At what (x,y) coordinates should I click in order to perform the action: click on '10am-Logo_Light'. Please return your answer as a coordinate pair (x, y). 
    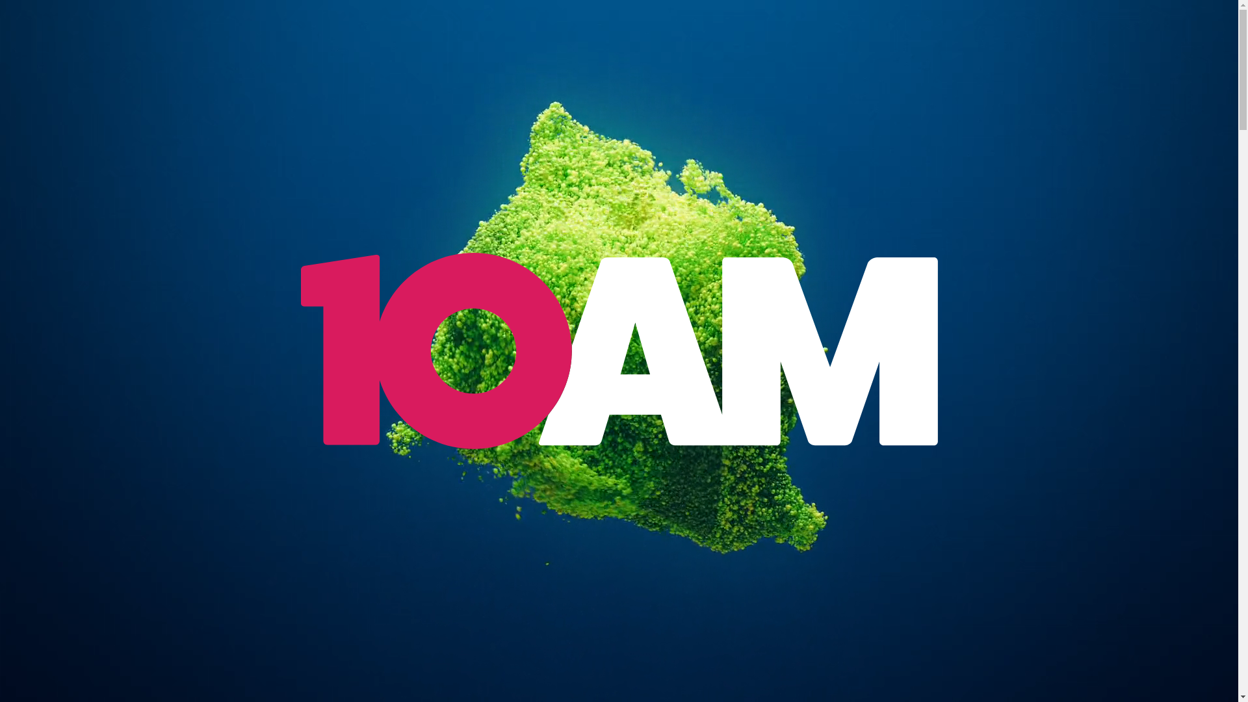
    Looking at the image, I should click on (617, 351).